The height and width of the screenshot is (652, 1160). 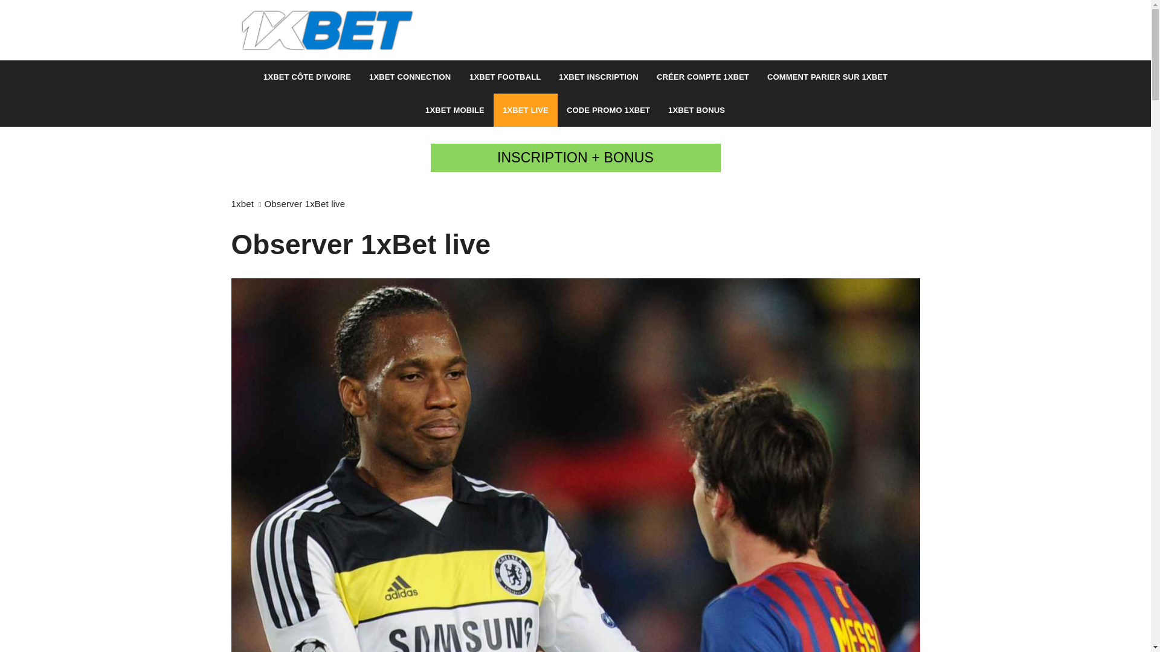 I want to click on '1XBET LIVE', so click(x=525, y=110).